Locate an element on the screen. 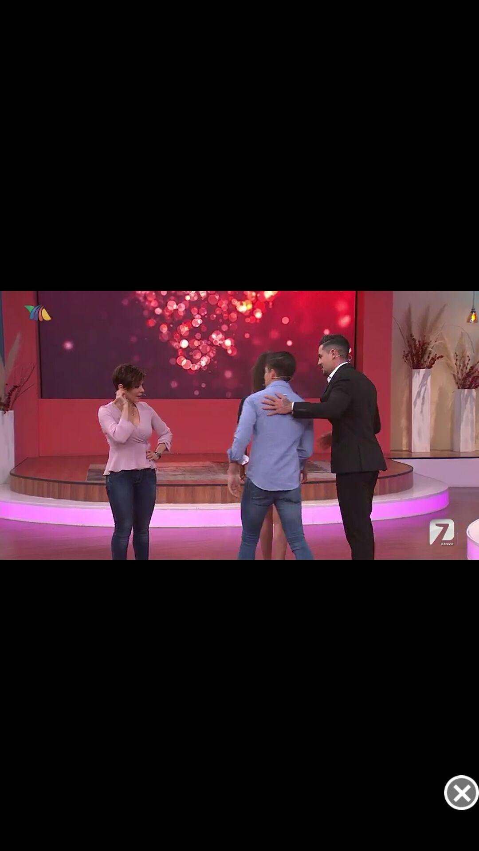 Image resolution: width=479 pixels, height=851 pixels. screen is located at coordinates (461, 792).